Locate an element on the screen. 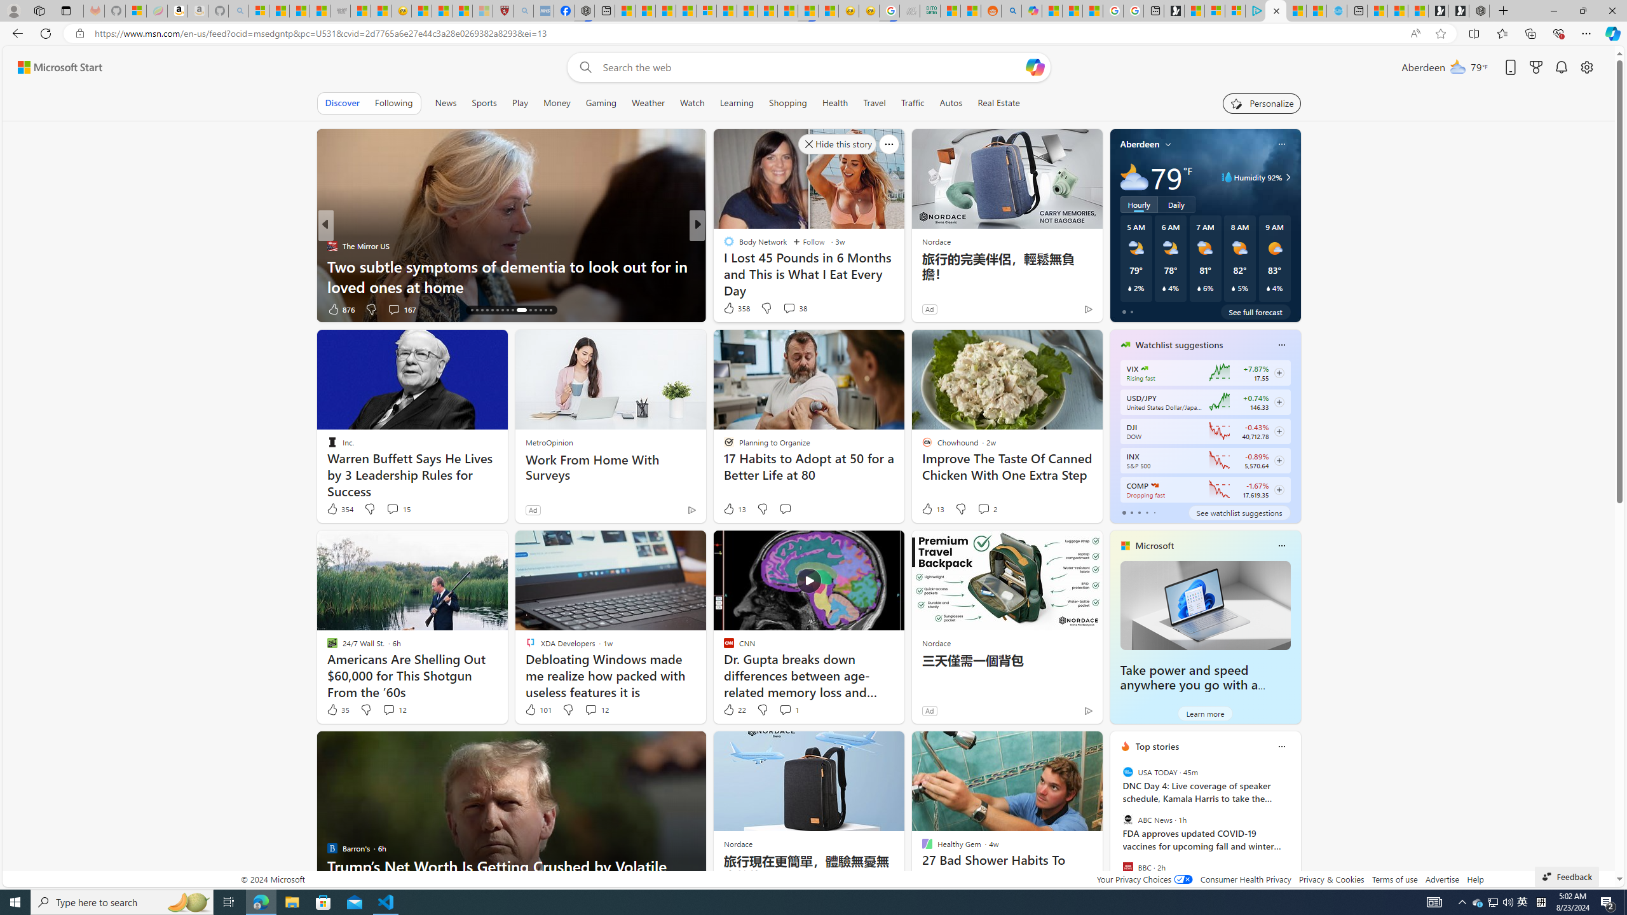  'Class: follow-button  m' is located at coordinates (1278, 489).